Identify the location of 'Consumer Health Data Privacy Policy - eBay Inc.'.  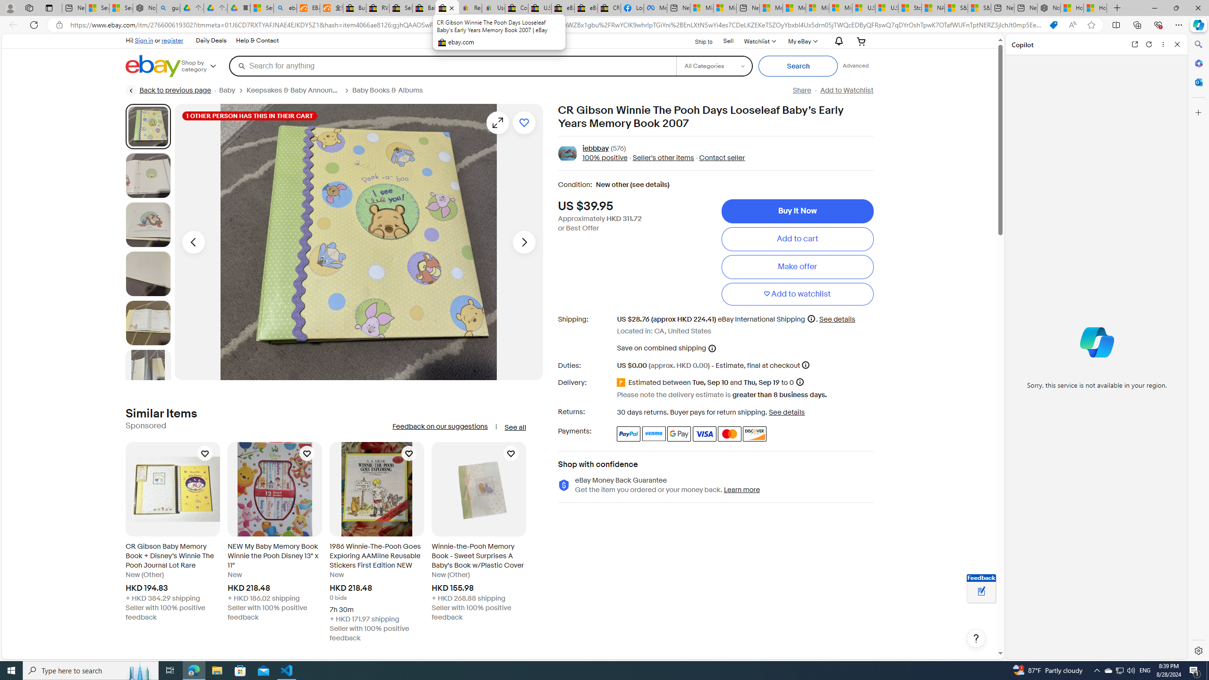
(516, 8).